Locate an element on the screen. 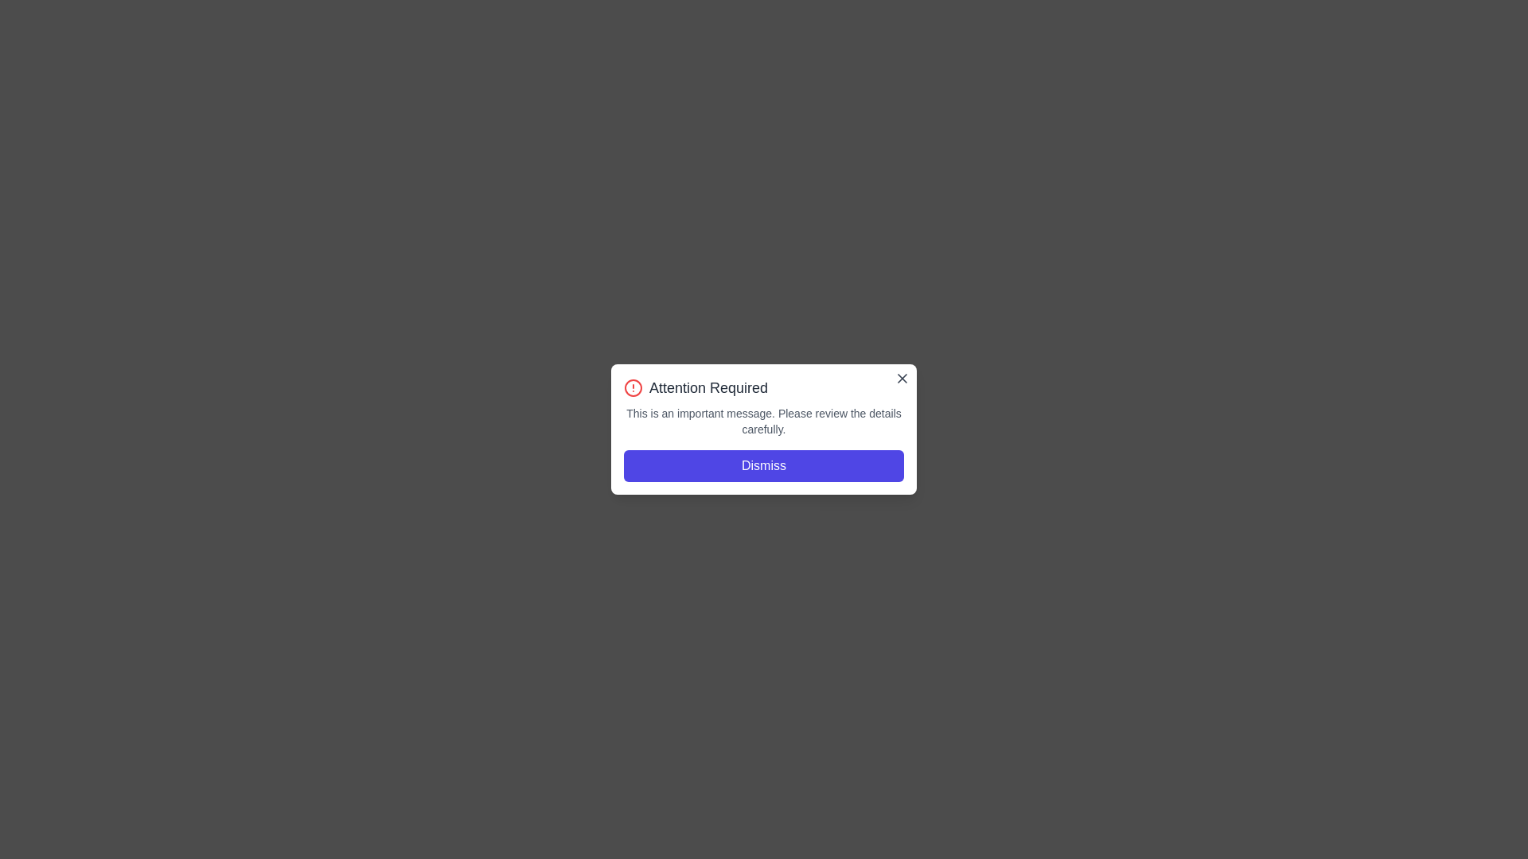 The height and width of the screenshot is (859, 1528). the Text Display element that shows the message 'This is an important message. Please review the details carefully.', located inside a white modal beneath the 'Attention Required' title is located at coordinates (764, 420).